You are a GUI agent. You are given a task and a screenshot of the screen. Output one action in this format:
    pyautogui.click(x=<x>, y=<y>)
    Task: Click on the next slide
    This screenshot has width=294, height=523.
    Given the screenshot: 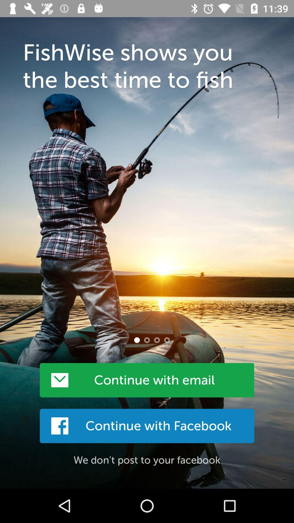 What is the action you would take?
    pyautogui.click(x=147, y=340)
    